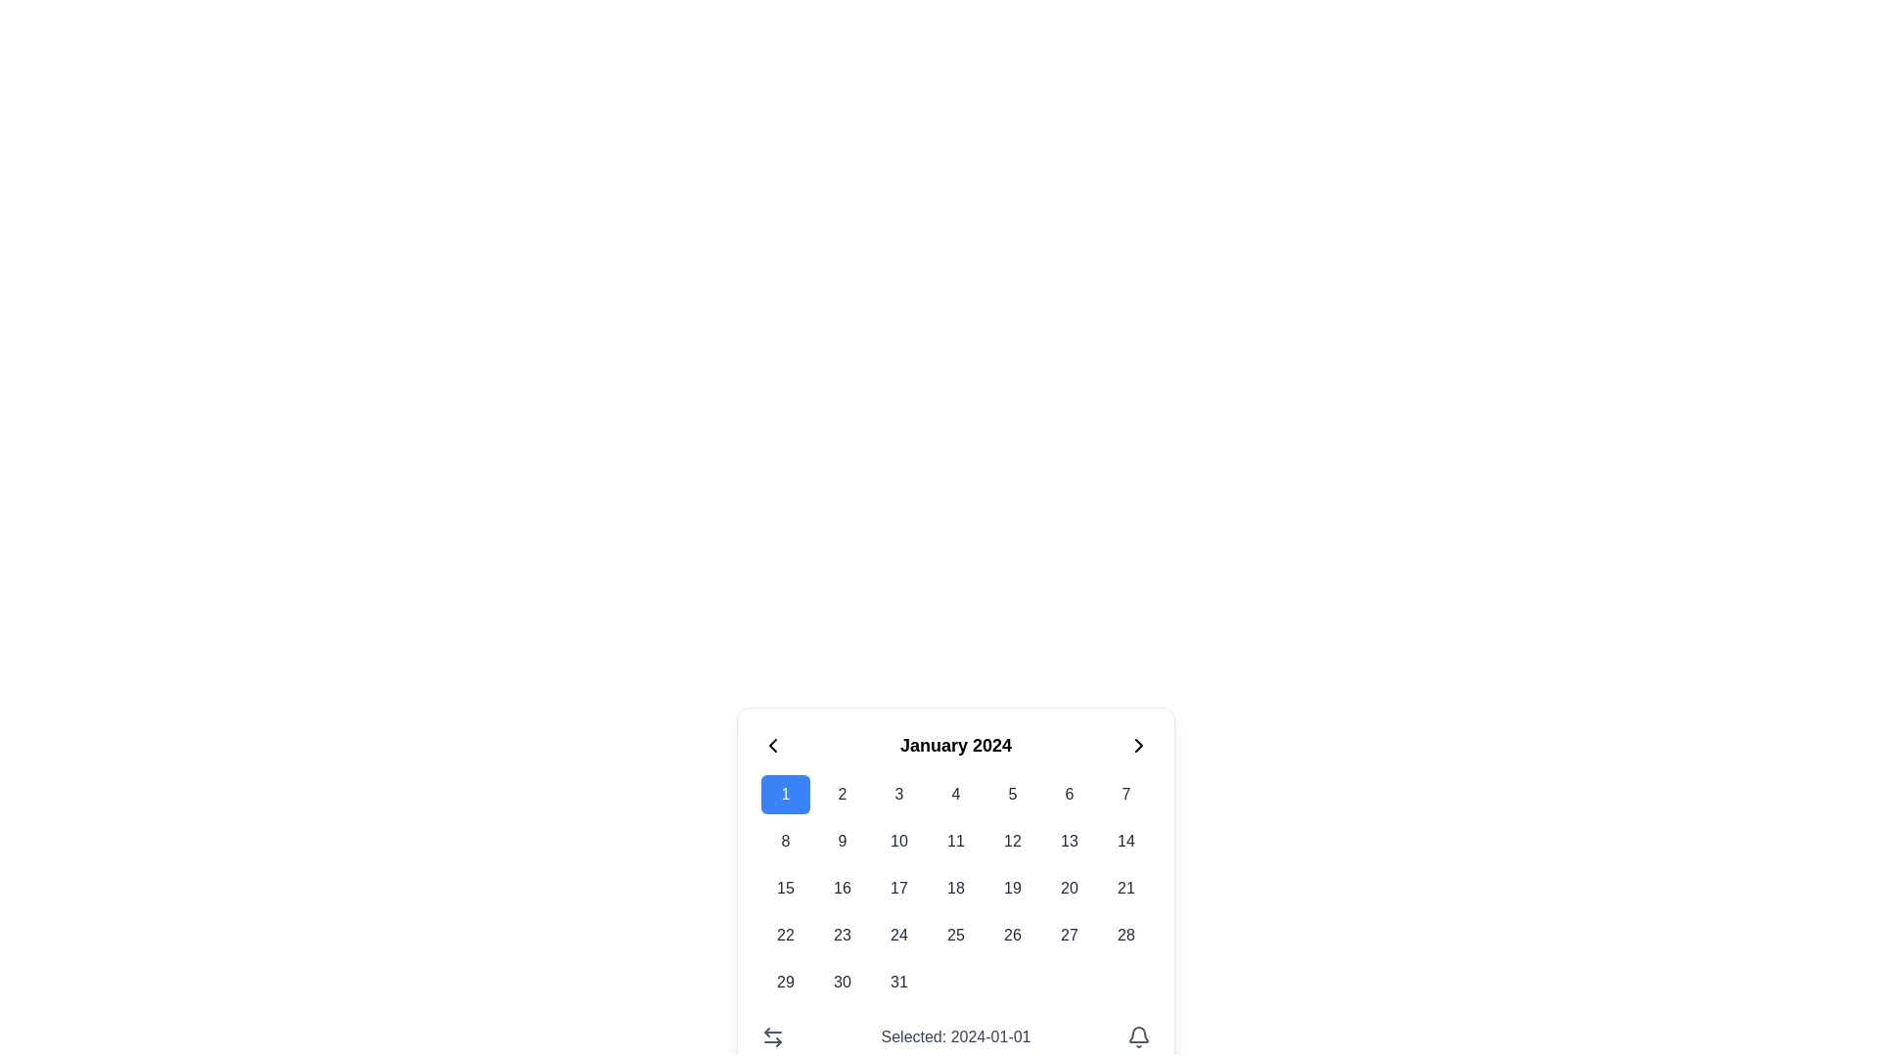 Image resolution: width=1879 pixels, height=1057 pixels. Describe the element at coordinates (897, 982) in the screenshot. I see `the text label displaying '31' in the sixth row and last column of the 7x7 grid in the calendar view` at that location.